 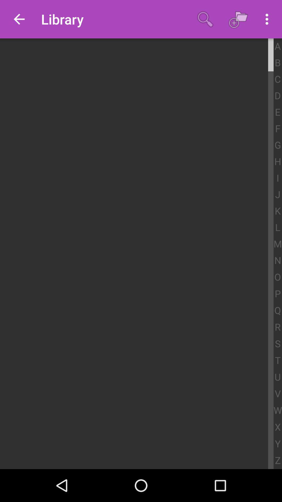 I want to click on the y item, so click(x=277, y=444).